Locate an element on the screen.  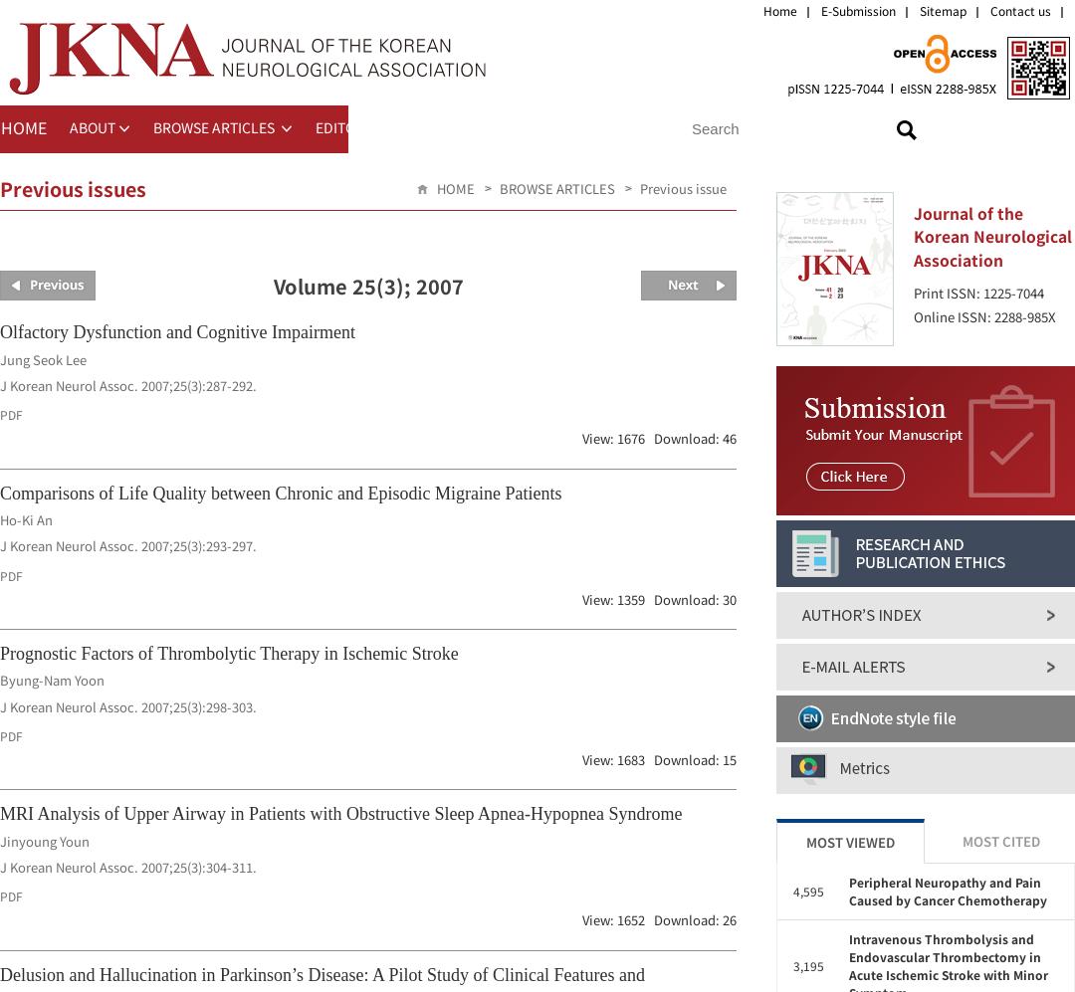
'Previous issue' is located at coordinates (640, 188).